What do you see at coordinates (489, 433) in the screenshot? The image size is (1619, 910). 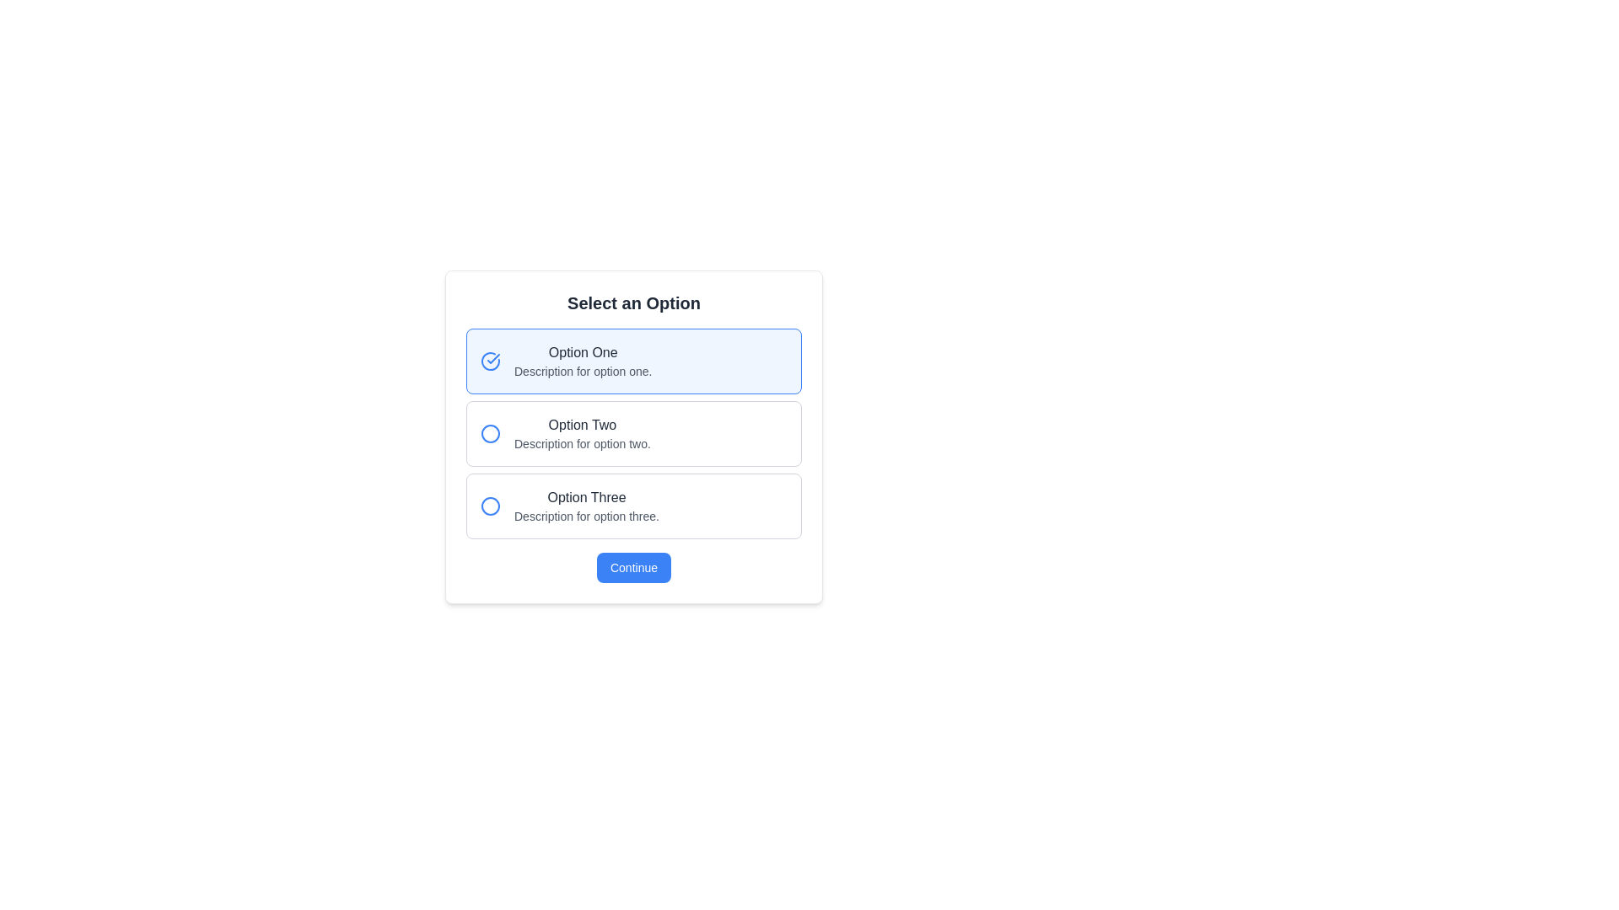 I see `the Icon button or marker associated with 'Option Two'` at bounding box center [489, 433].